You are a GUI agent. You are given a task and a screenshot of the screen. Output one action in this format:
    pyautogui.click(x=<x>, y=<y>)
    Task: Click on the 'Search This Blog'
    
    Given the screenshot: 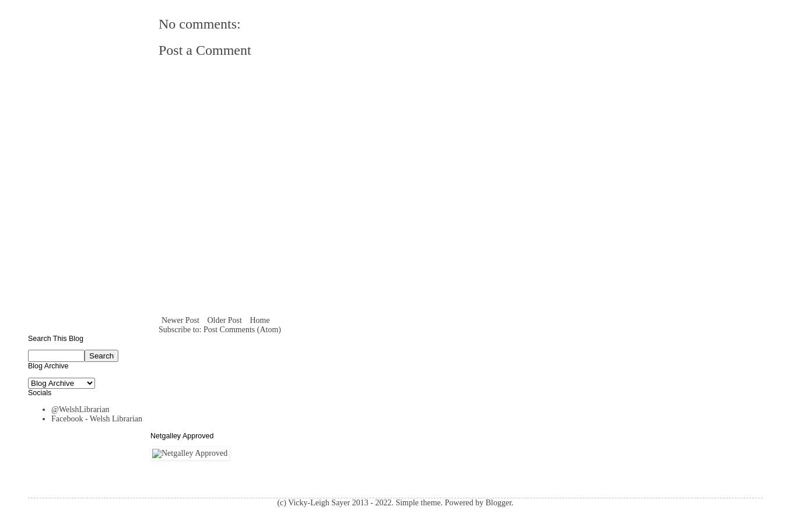 What is the action you would take?
    pyautogui.click(x=27, y=337)
    